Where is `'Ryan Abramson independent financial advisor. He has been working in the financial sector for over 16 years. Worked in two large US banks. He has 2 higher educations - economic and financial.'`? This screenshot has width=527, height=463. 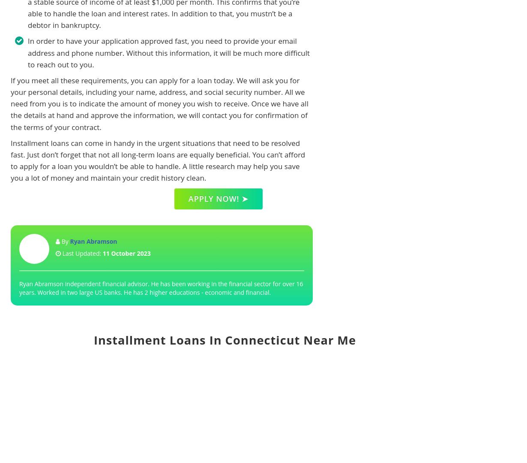
'Ryan Abramson independent financial advisor. He has been working in the financial sector for over 16 years. Worked in two large US banks. He has 2 higher educations - economic and financial.' is located at coordinates (161, 288).